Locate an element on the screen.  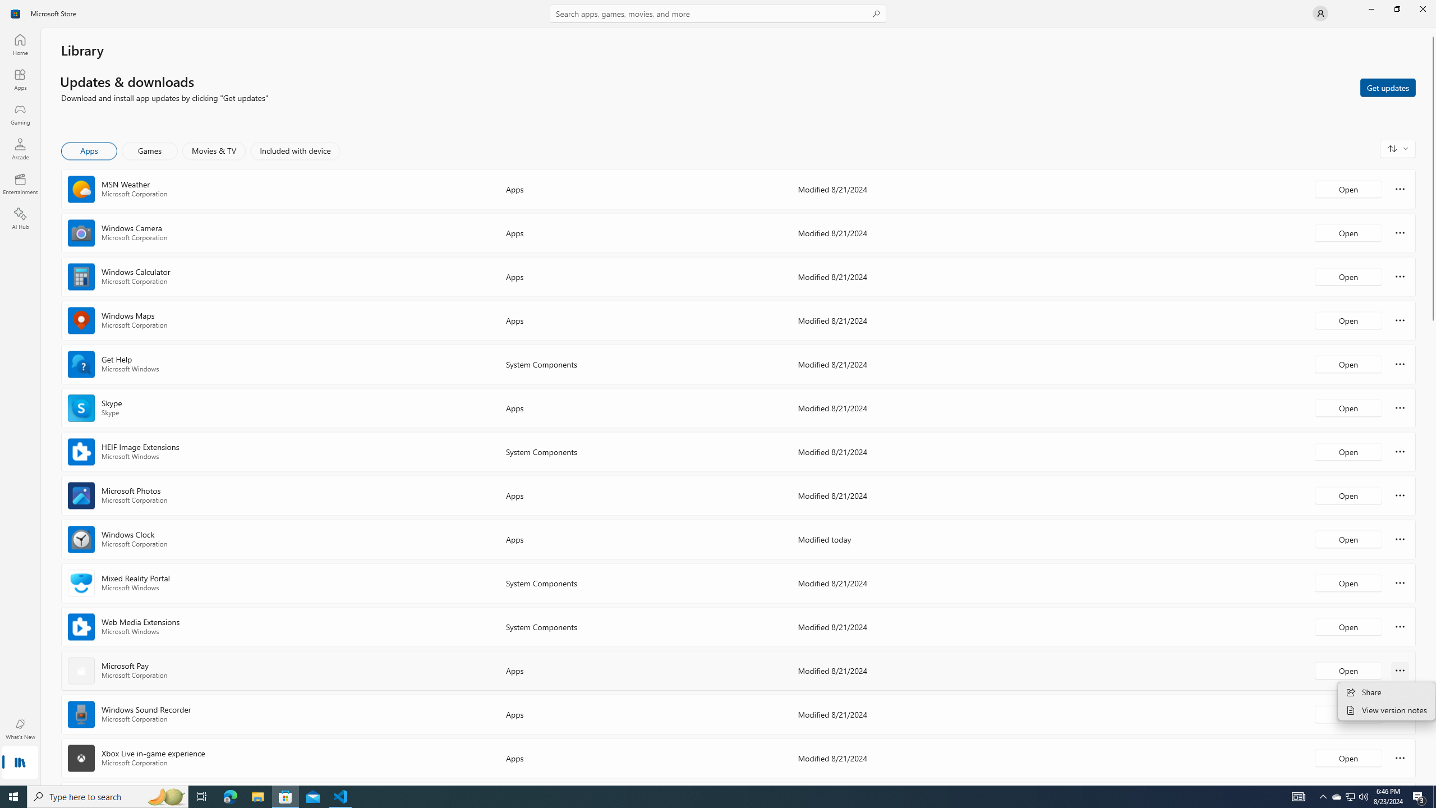
'Vertical Small Decrease' is located at coordinates (1432, 31).